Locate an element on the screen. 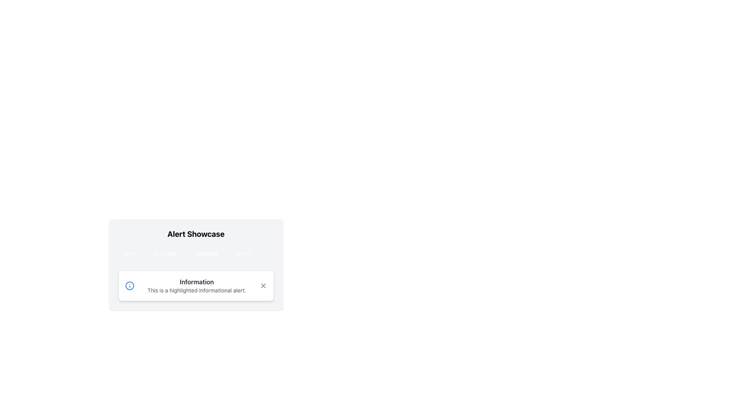 The image size is (746, 420). the 'info' button located at the top left of the horizontal row of buttons is located at coordinates (129, 253).